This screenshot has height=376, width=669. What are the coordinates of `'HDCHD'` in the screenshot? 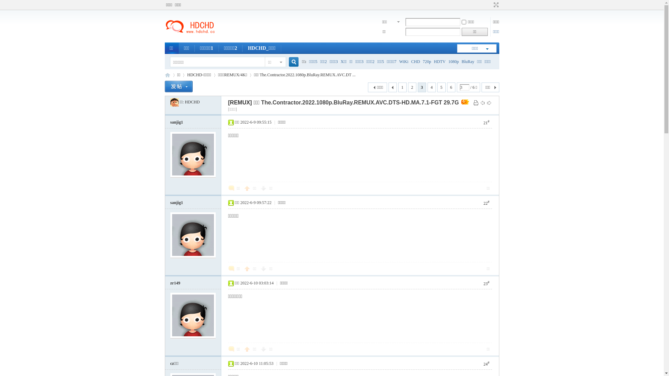 It's located at (170, 102).